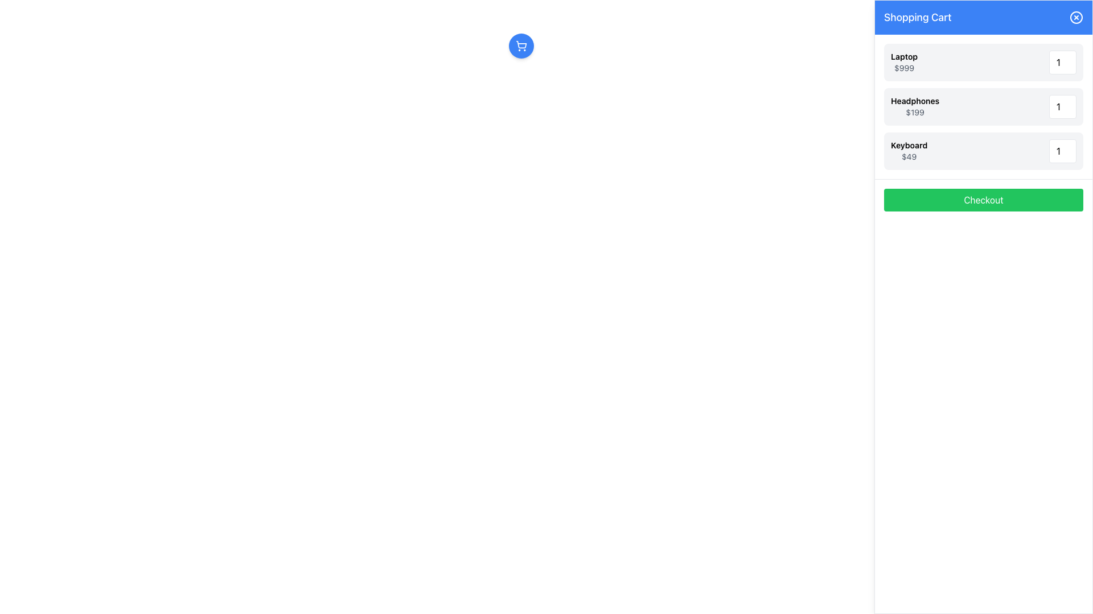  What do you see at coordinates (1076, 17) in the screenshot?
I see `the small circular button with an 'X' icon inside, located at the top-right corner of the Shopping Cart header section` at bounding box center [1076, 17].